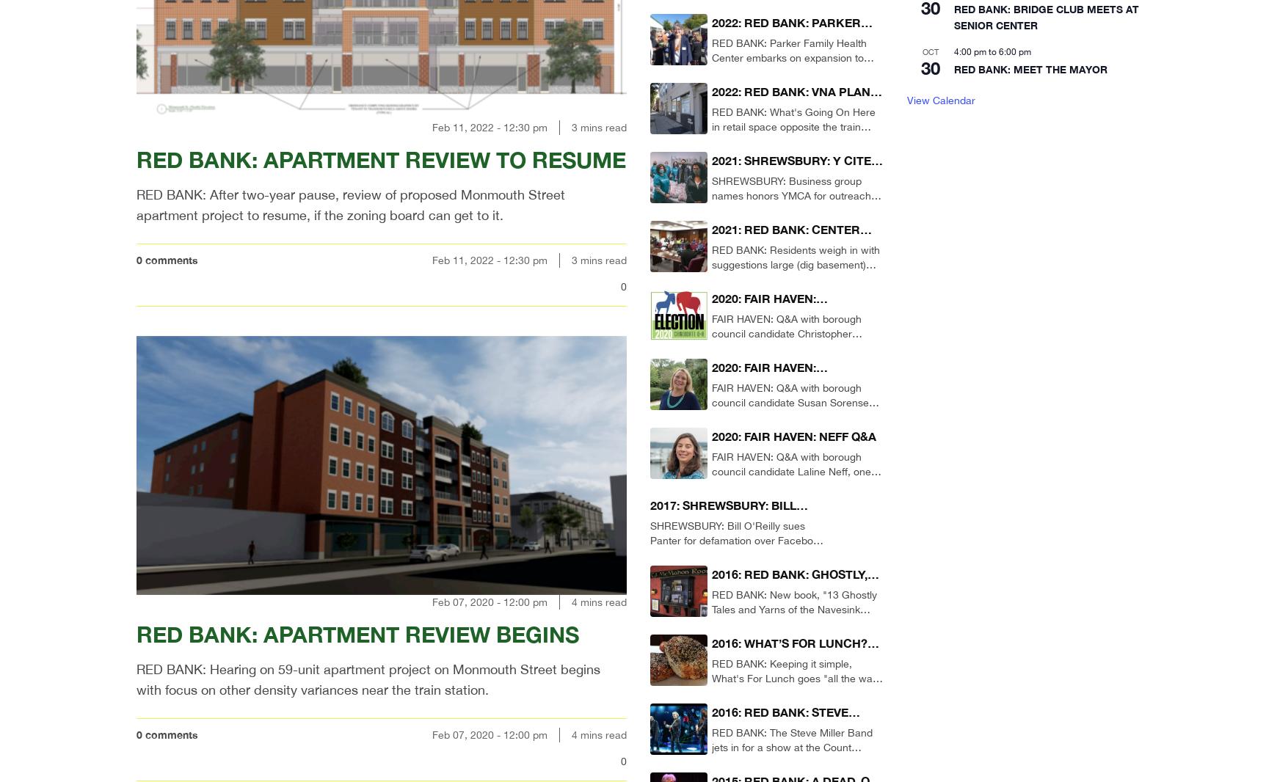 This screenshot has height=782, width=1277. I want to click on '2017: SHREWSBURY: BILL O’REILLY SUES PANTER', so click(722, 513).